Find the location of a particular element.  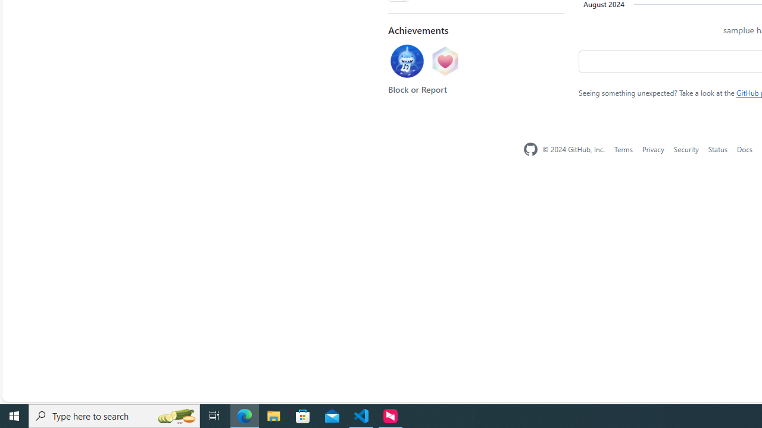

'Security' is located at coordinates (686, 148).